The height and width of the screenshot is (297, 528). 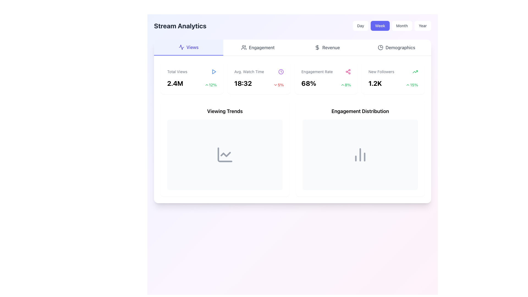 What do you see at coordinates (225, 155) in the screenshot?
I see `the gray line chart icon located in the 'Viewing Trends' section of the dashboard interface` at bounding box center [225, 155].